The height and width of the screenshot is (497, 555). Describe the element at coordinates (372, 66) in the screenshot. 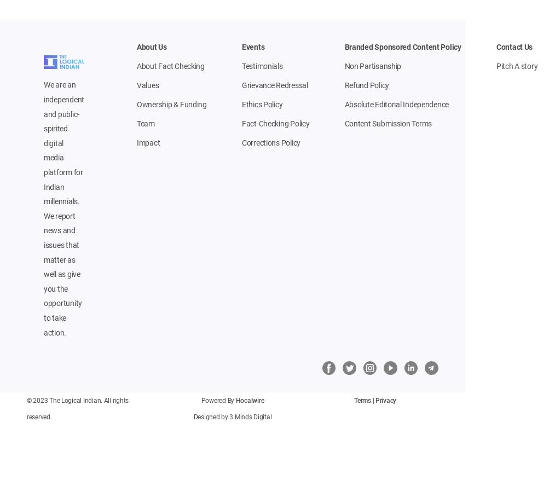

I see `'Non Partisanship'` at that location.